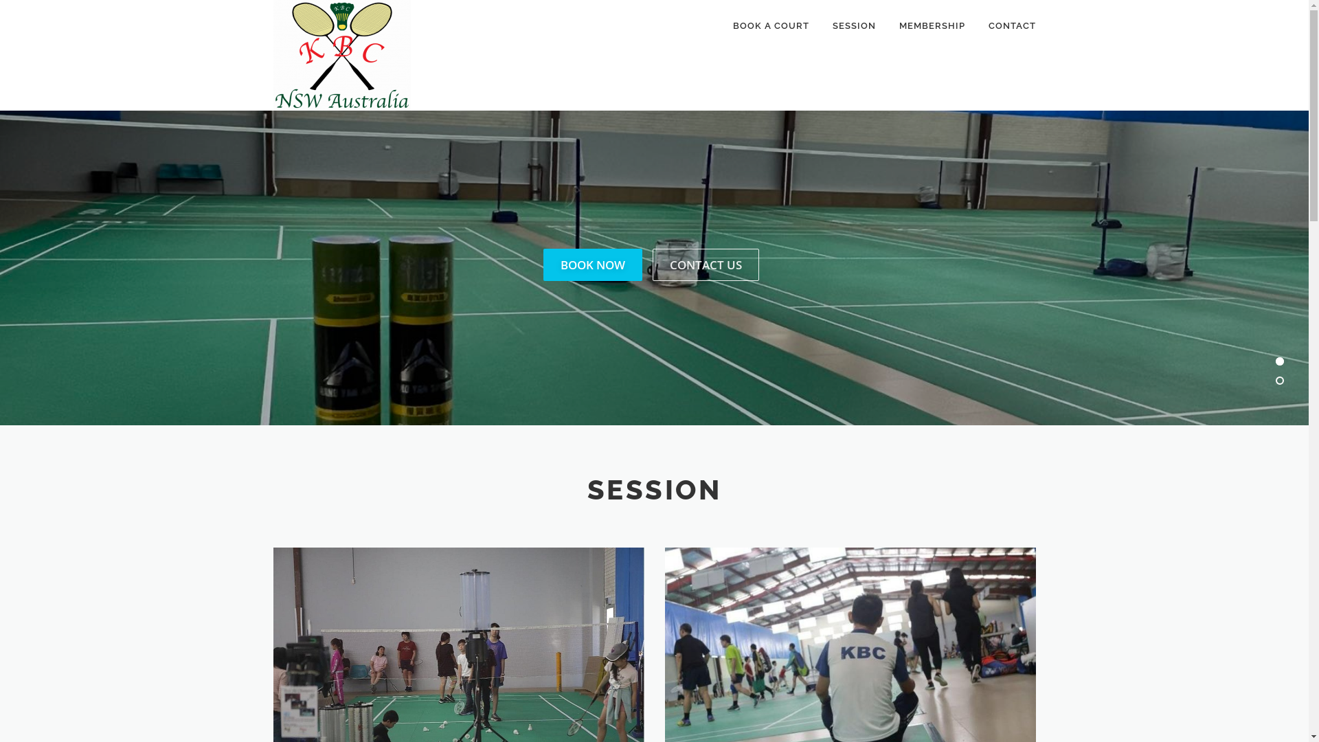 This screenshot has height=742, width=1319. I want to click on 'BOOK A COURT', so click(771, 25).